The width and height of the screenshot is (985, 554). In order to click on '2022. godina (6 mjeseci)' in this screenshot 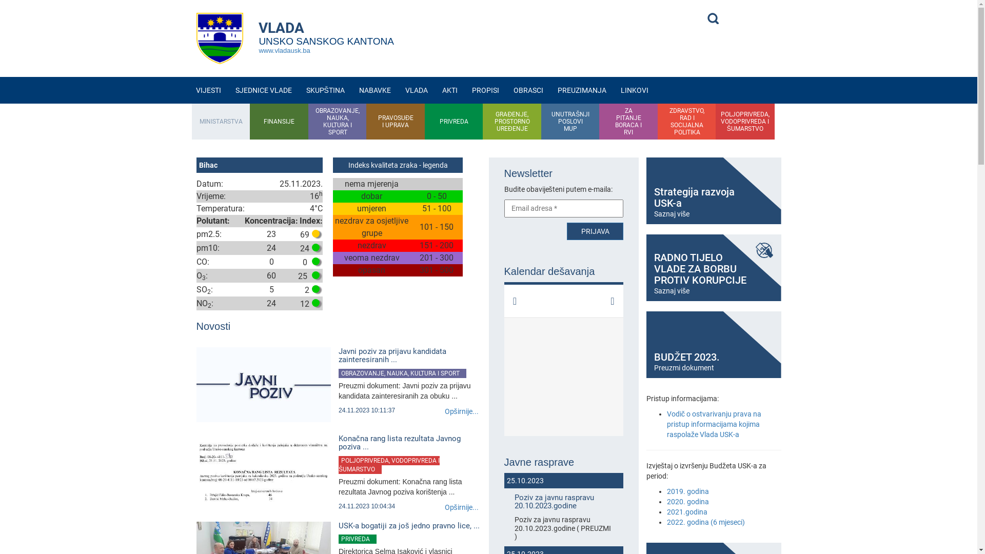, I will do `click(705, 522)`.